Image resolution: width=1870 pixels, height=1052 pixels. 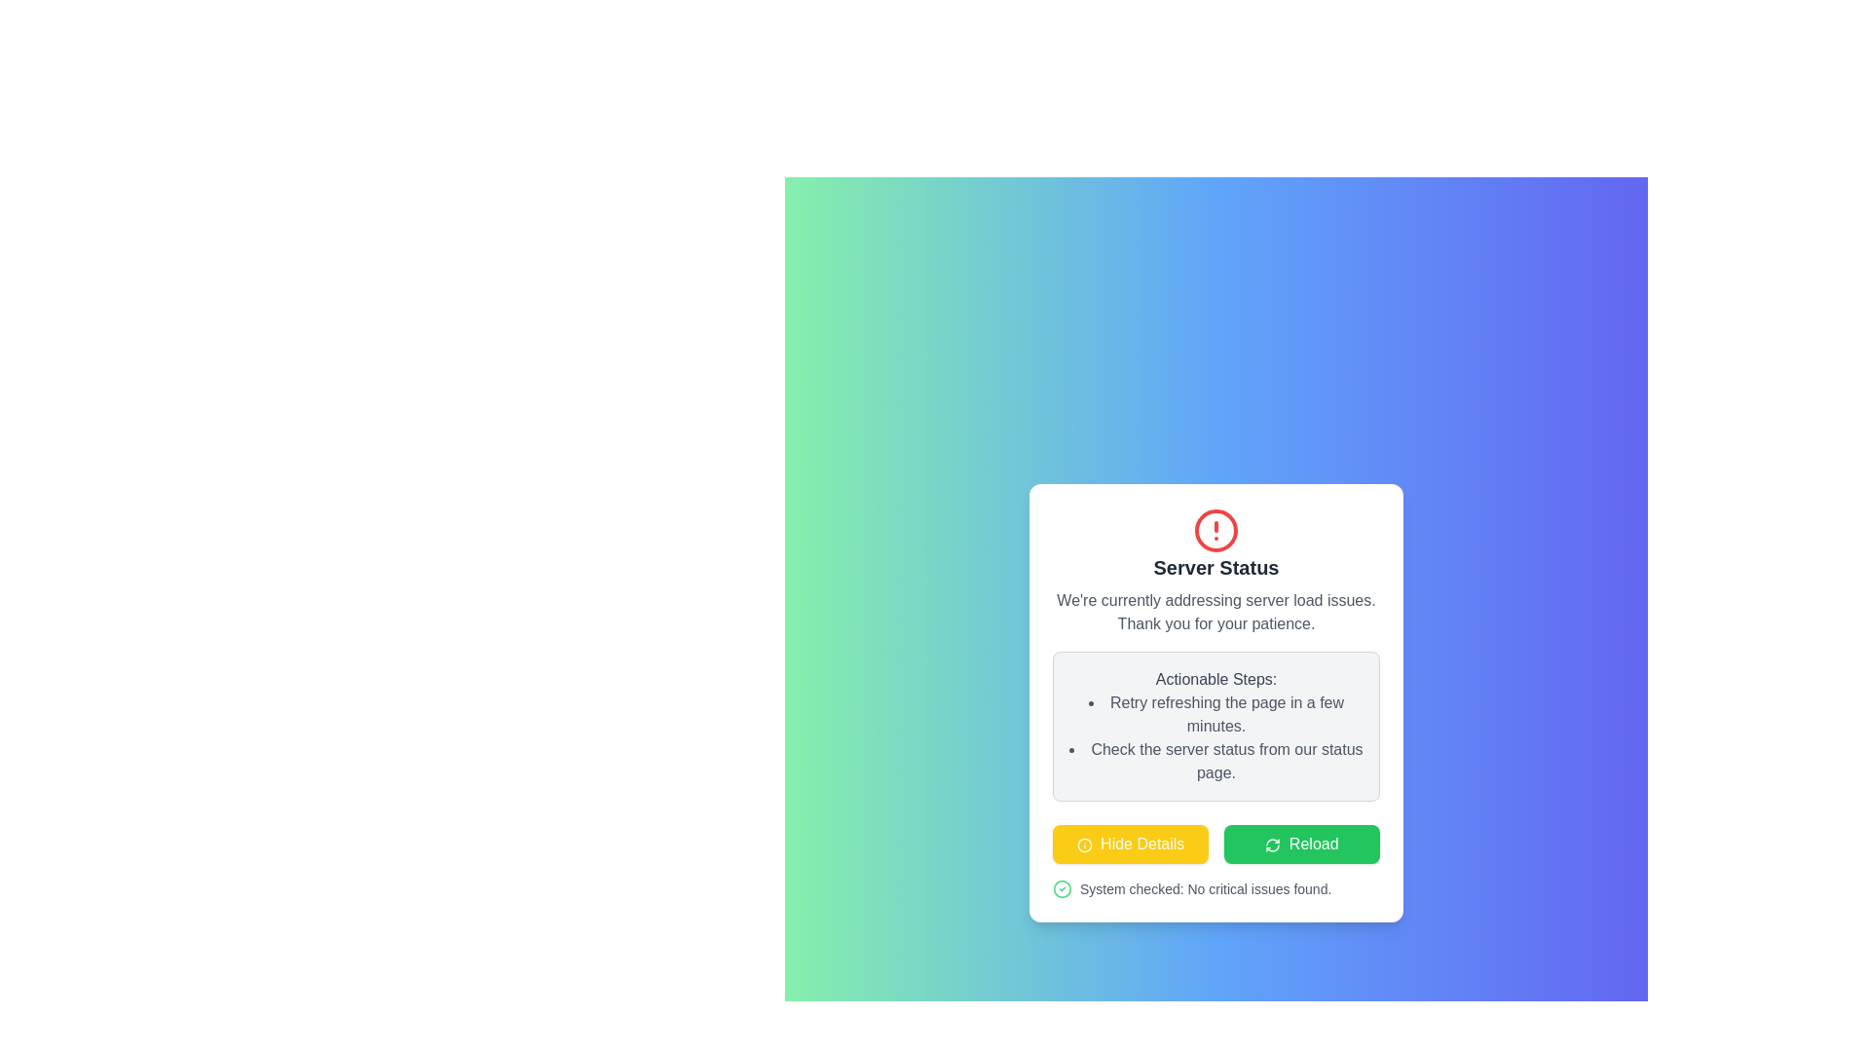 I want to click on the actionable steps in the central modal dialog component that provides server status and resolution advice, so click(x=1215, y=702).